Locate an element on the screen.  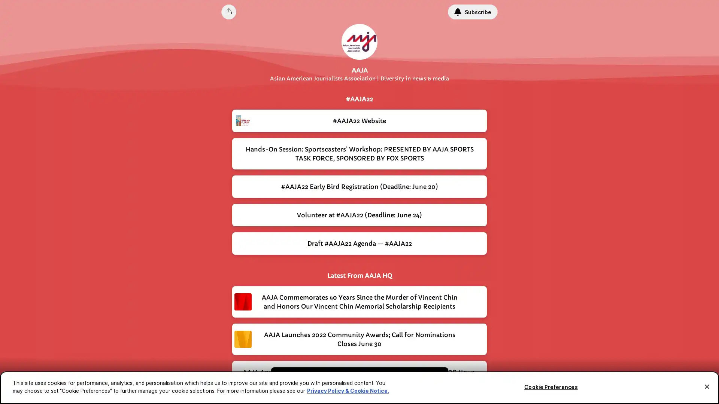
Subscribe is located at coordinates (472, 12).